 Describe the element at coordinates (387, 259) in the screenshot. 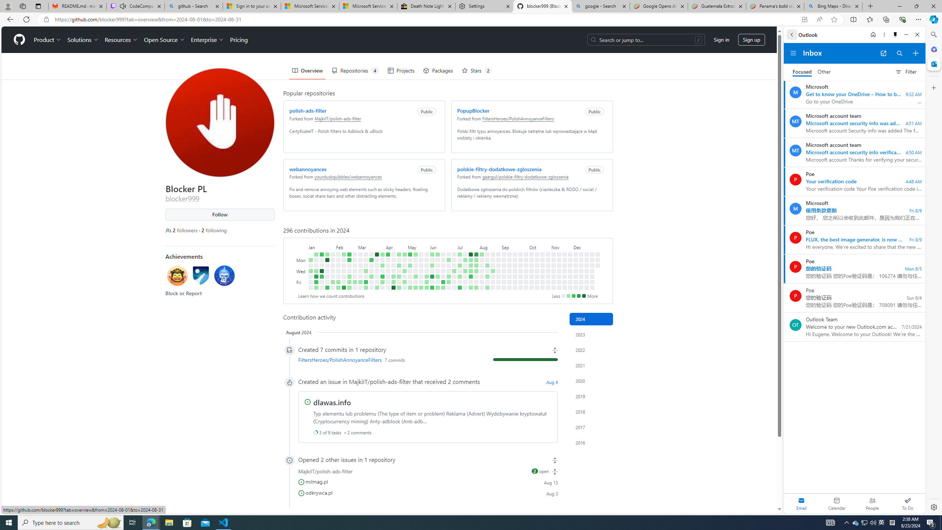

I see `'No contributions on April 8th.'` at that location.